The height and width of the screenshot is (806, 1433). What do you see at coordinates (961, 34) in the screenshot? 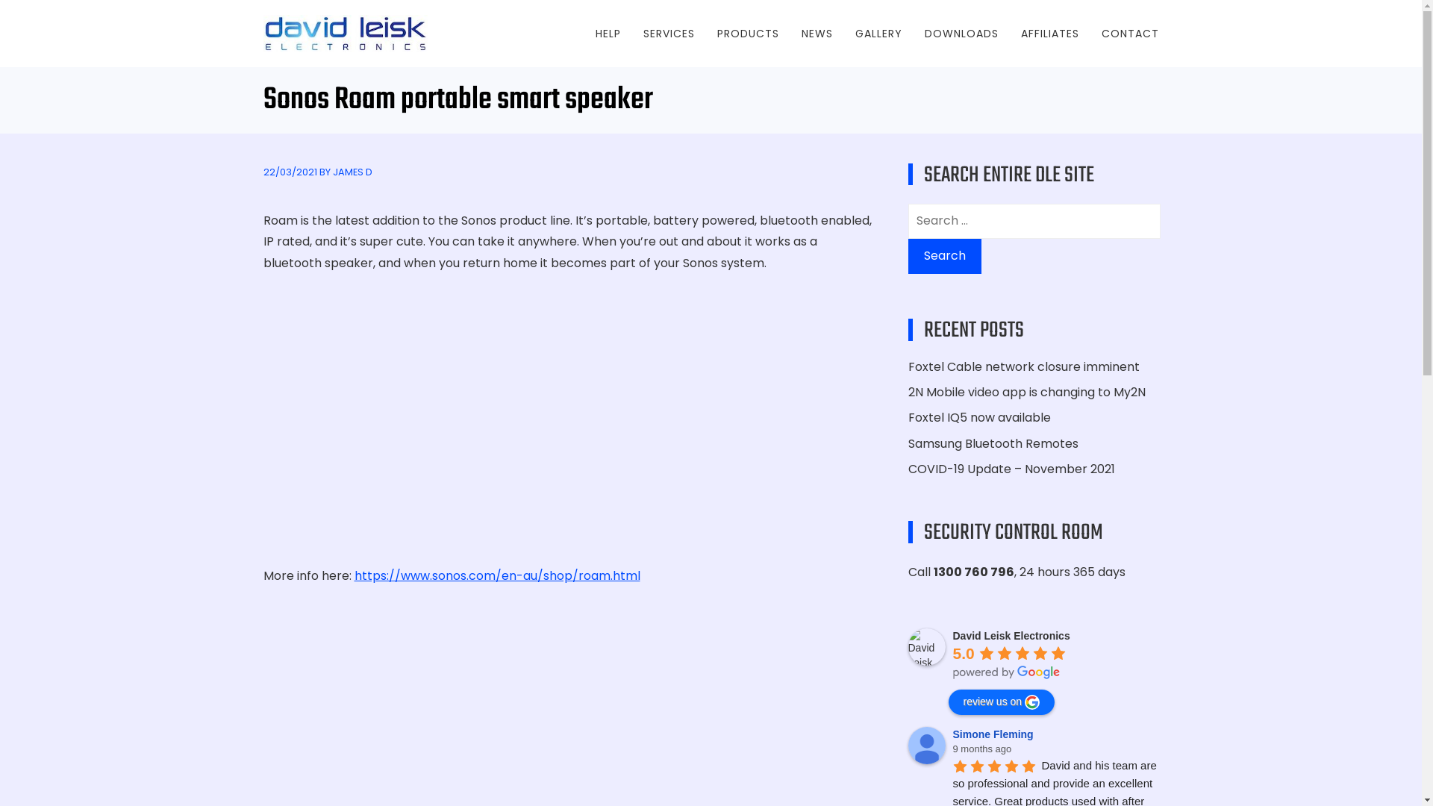
I see `'DOWNLOADS'` at bounding box center [961, 34].